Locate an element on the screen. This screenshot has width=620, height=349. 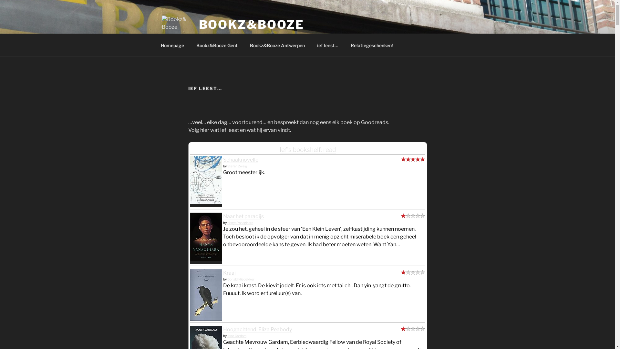
'Bookz&Booze Gent' is located at coordinates (217, 45).